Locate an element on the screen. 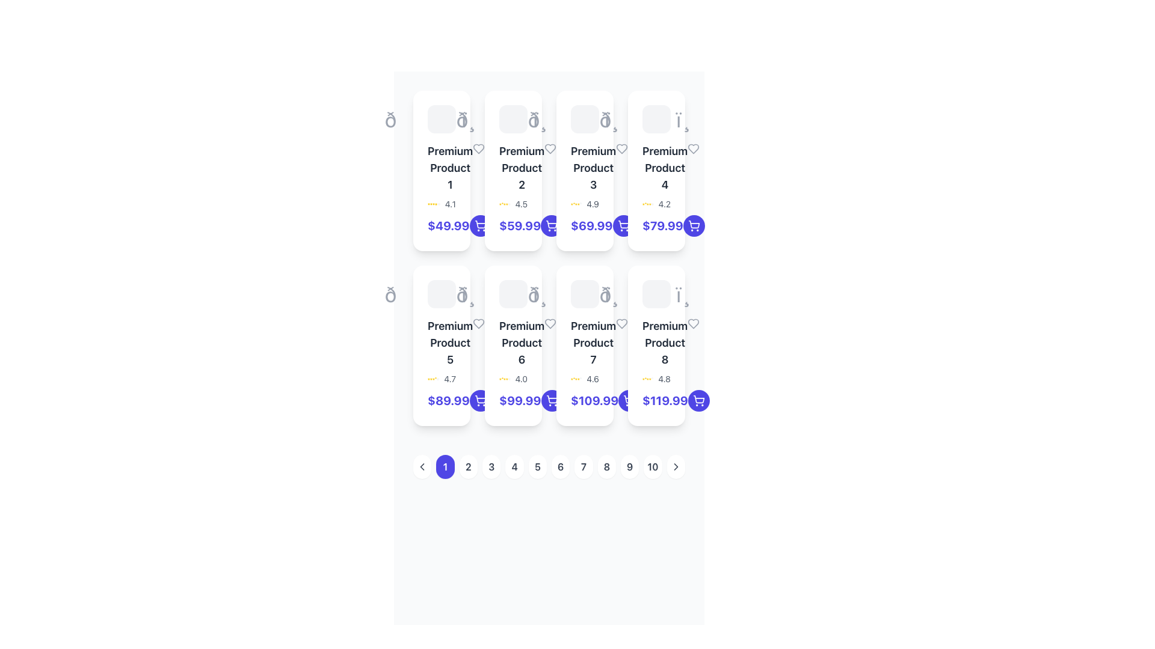  the heart-shaped icon with a hollow outline located at the top-right corner of the 'Premium Product 8' card is located at coordinates (694, 323).